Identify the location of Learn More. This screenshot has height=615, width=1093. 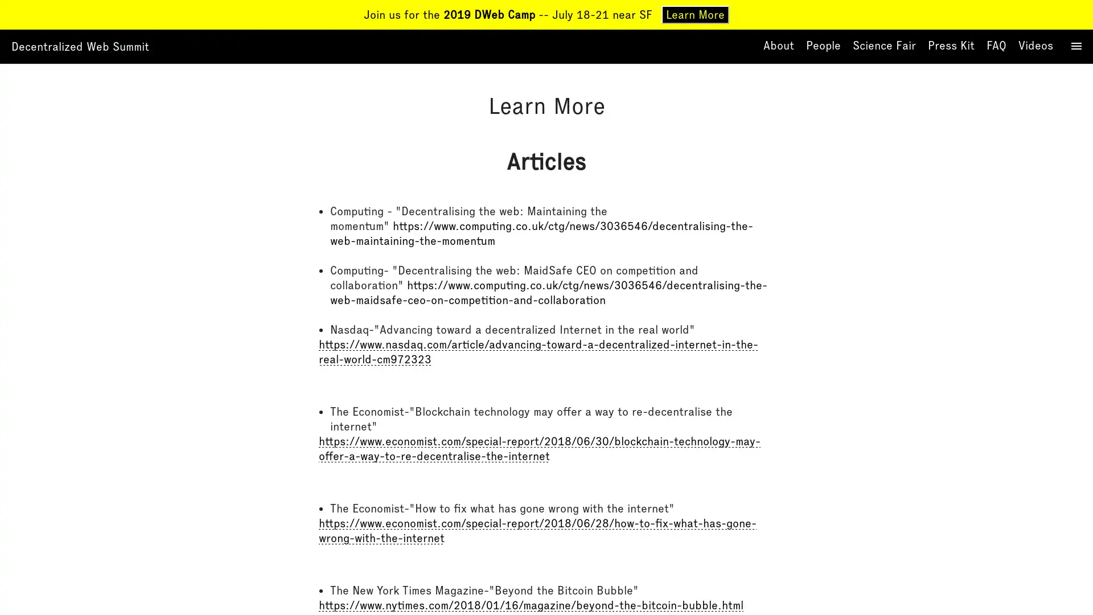
(695, 15).